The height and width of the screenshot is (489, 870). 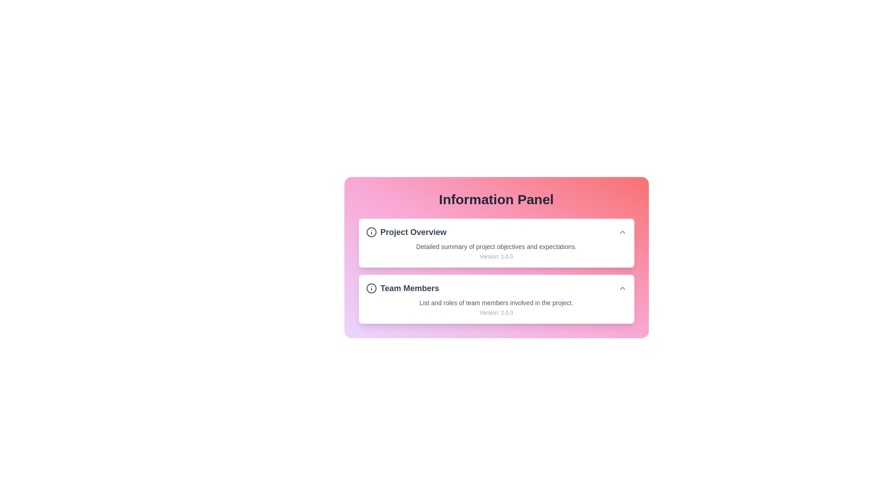 I want to click on information provided in the Text block located in the 'Team Members' section of the interface, positioned directly below the title 'Team Members', so click(x=496, y=307).